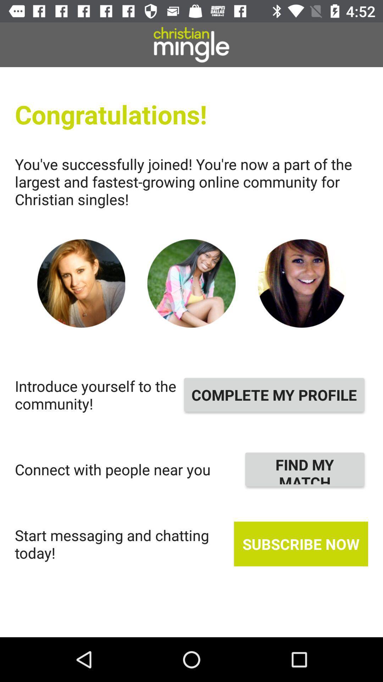  I want to click on the icon below the find my match, so click(301, 543).